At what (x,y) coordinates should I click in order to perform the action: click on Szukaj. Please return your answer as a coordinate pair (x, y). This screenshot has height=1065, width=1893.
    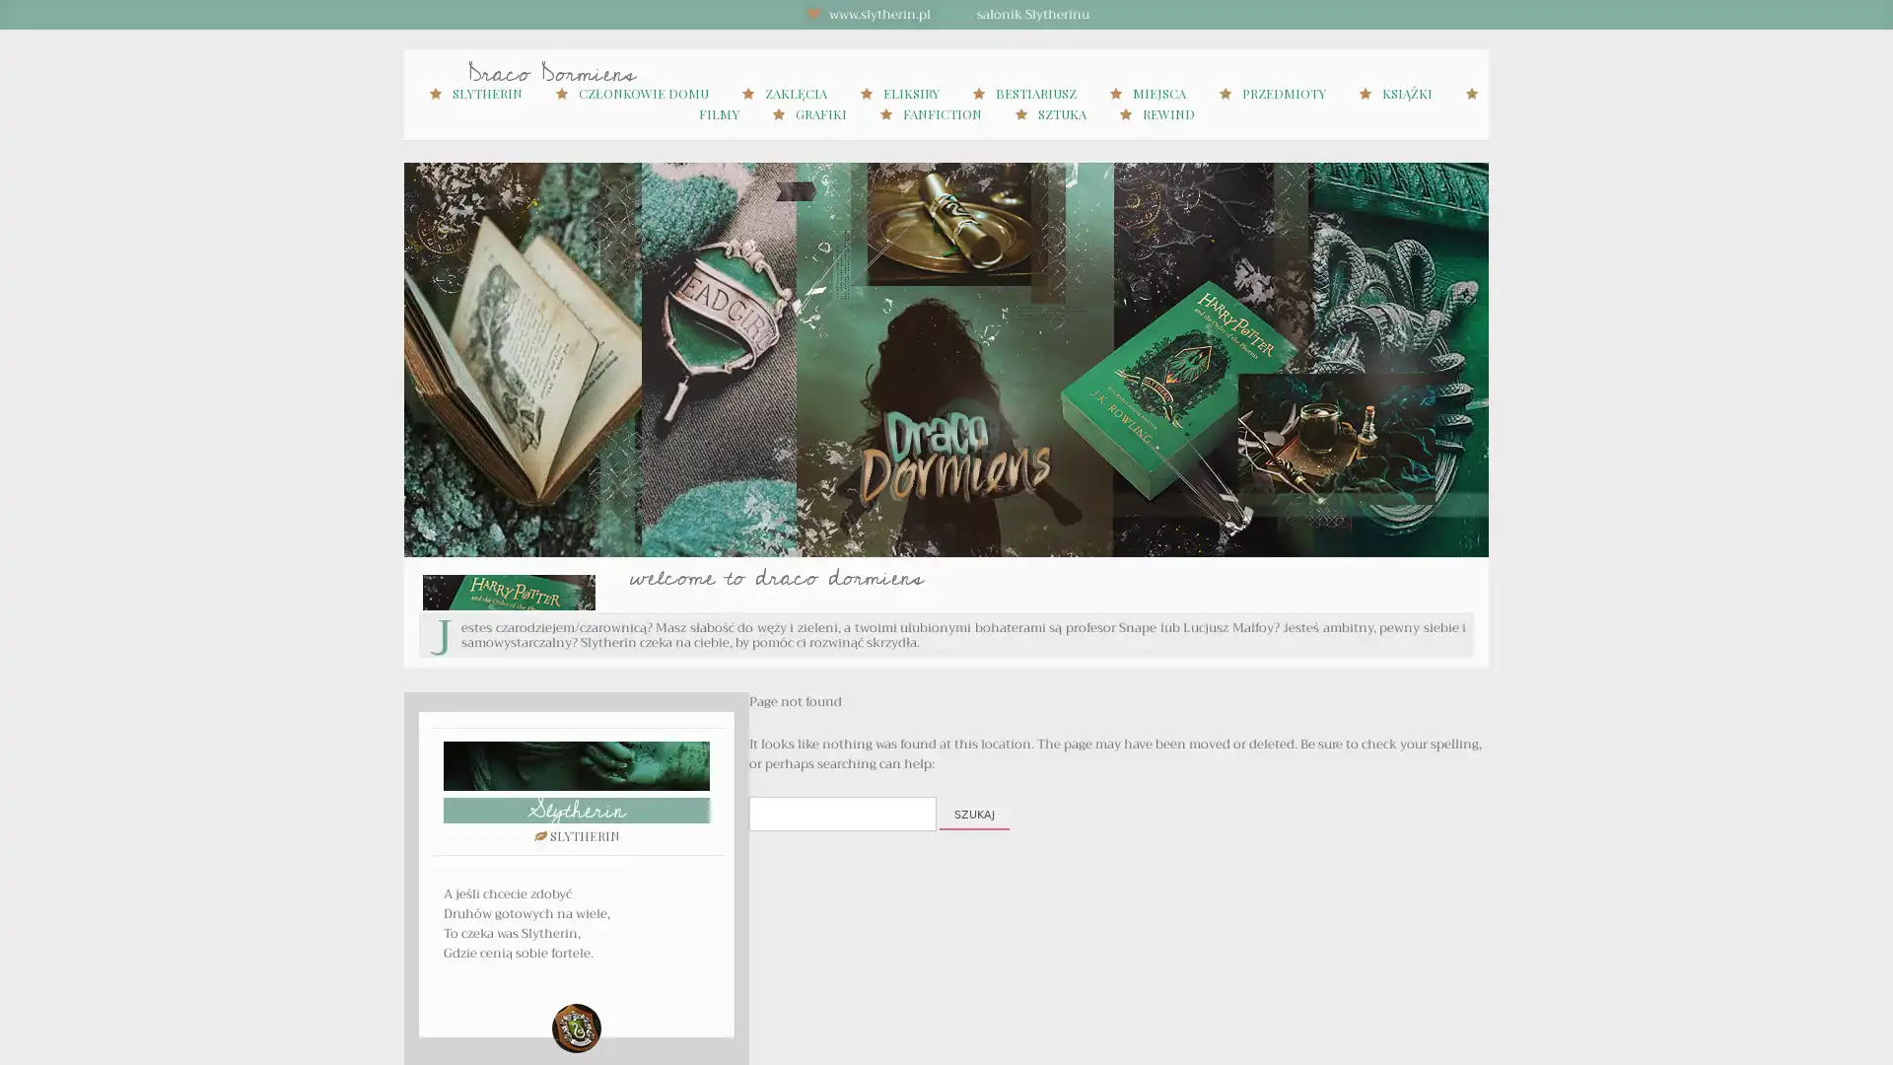
    Looking at the image, I should click on (974, 815).